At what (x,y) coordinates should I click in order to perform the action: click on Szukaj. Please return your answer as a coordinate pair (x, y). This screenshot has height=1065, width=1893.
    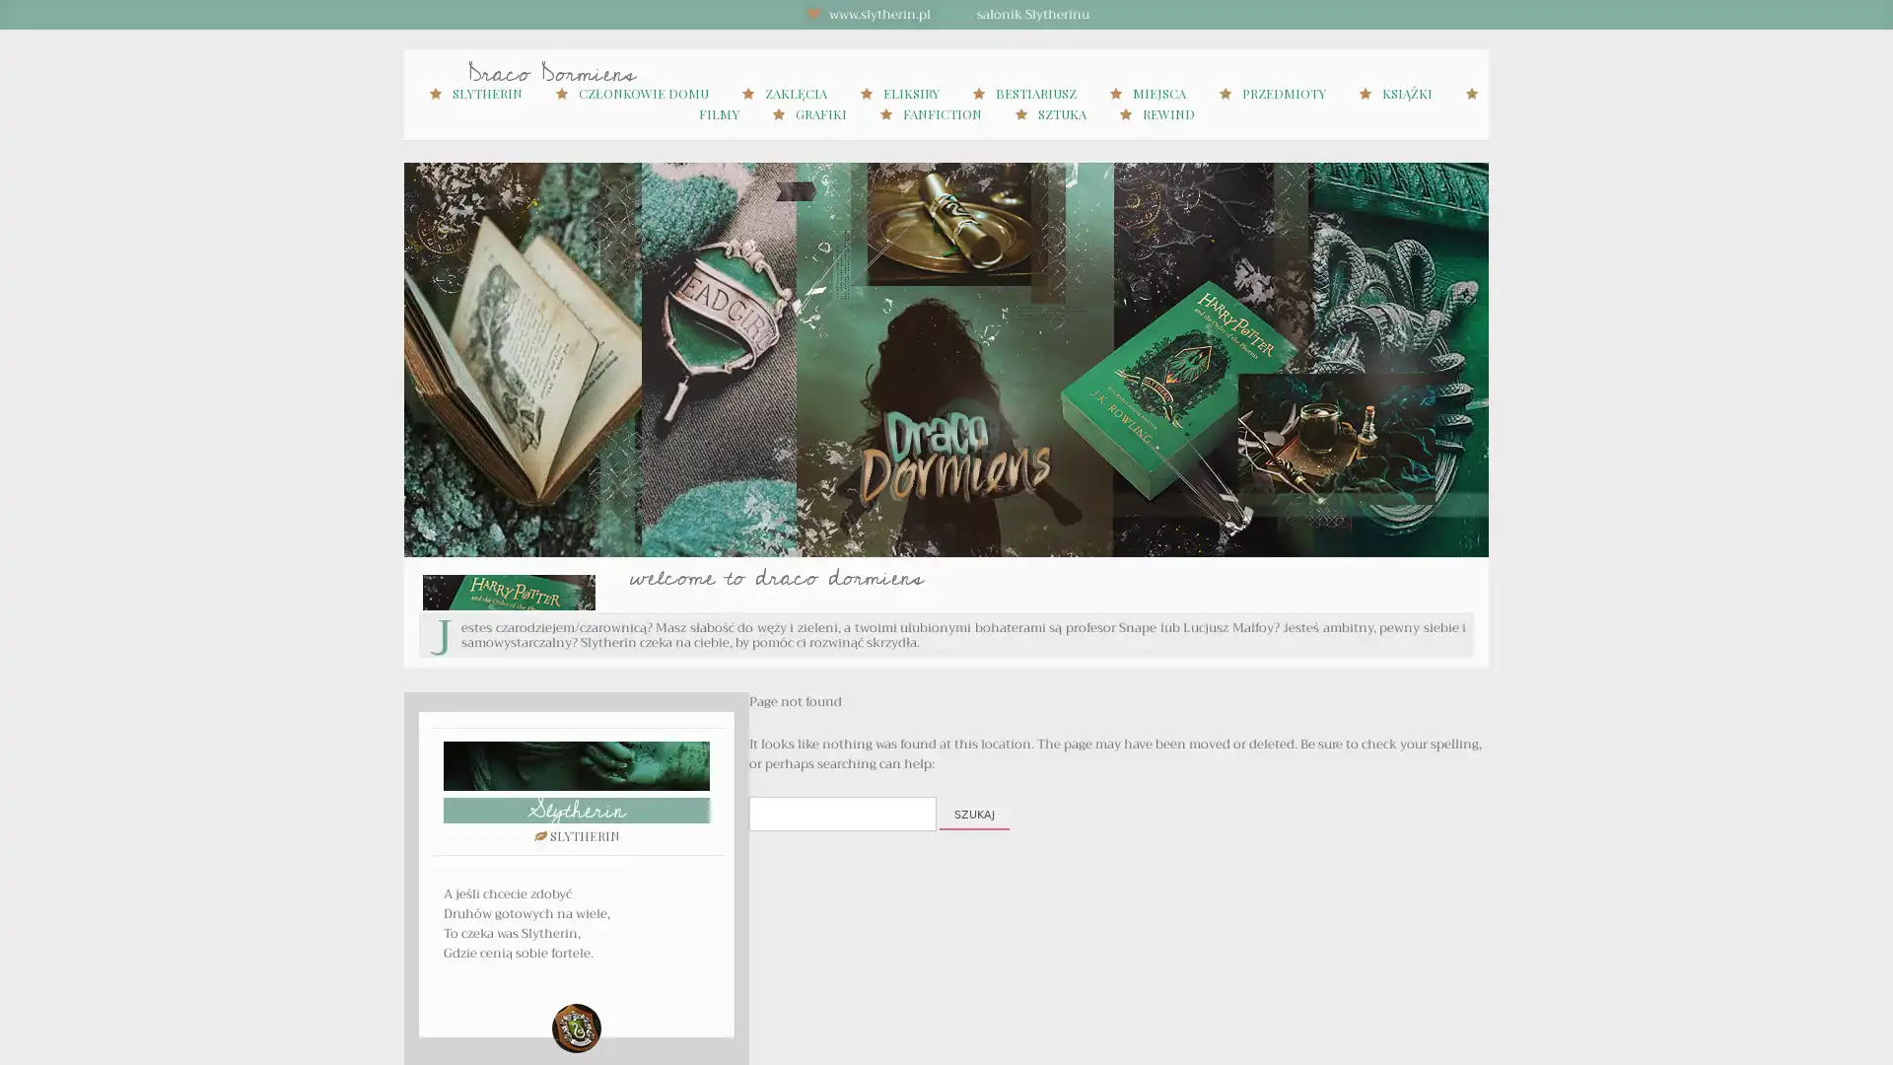
    Looking at the image, I should click on (974, 815).